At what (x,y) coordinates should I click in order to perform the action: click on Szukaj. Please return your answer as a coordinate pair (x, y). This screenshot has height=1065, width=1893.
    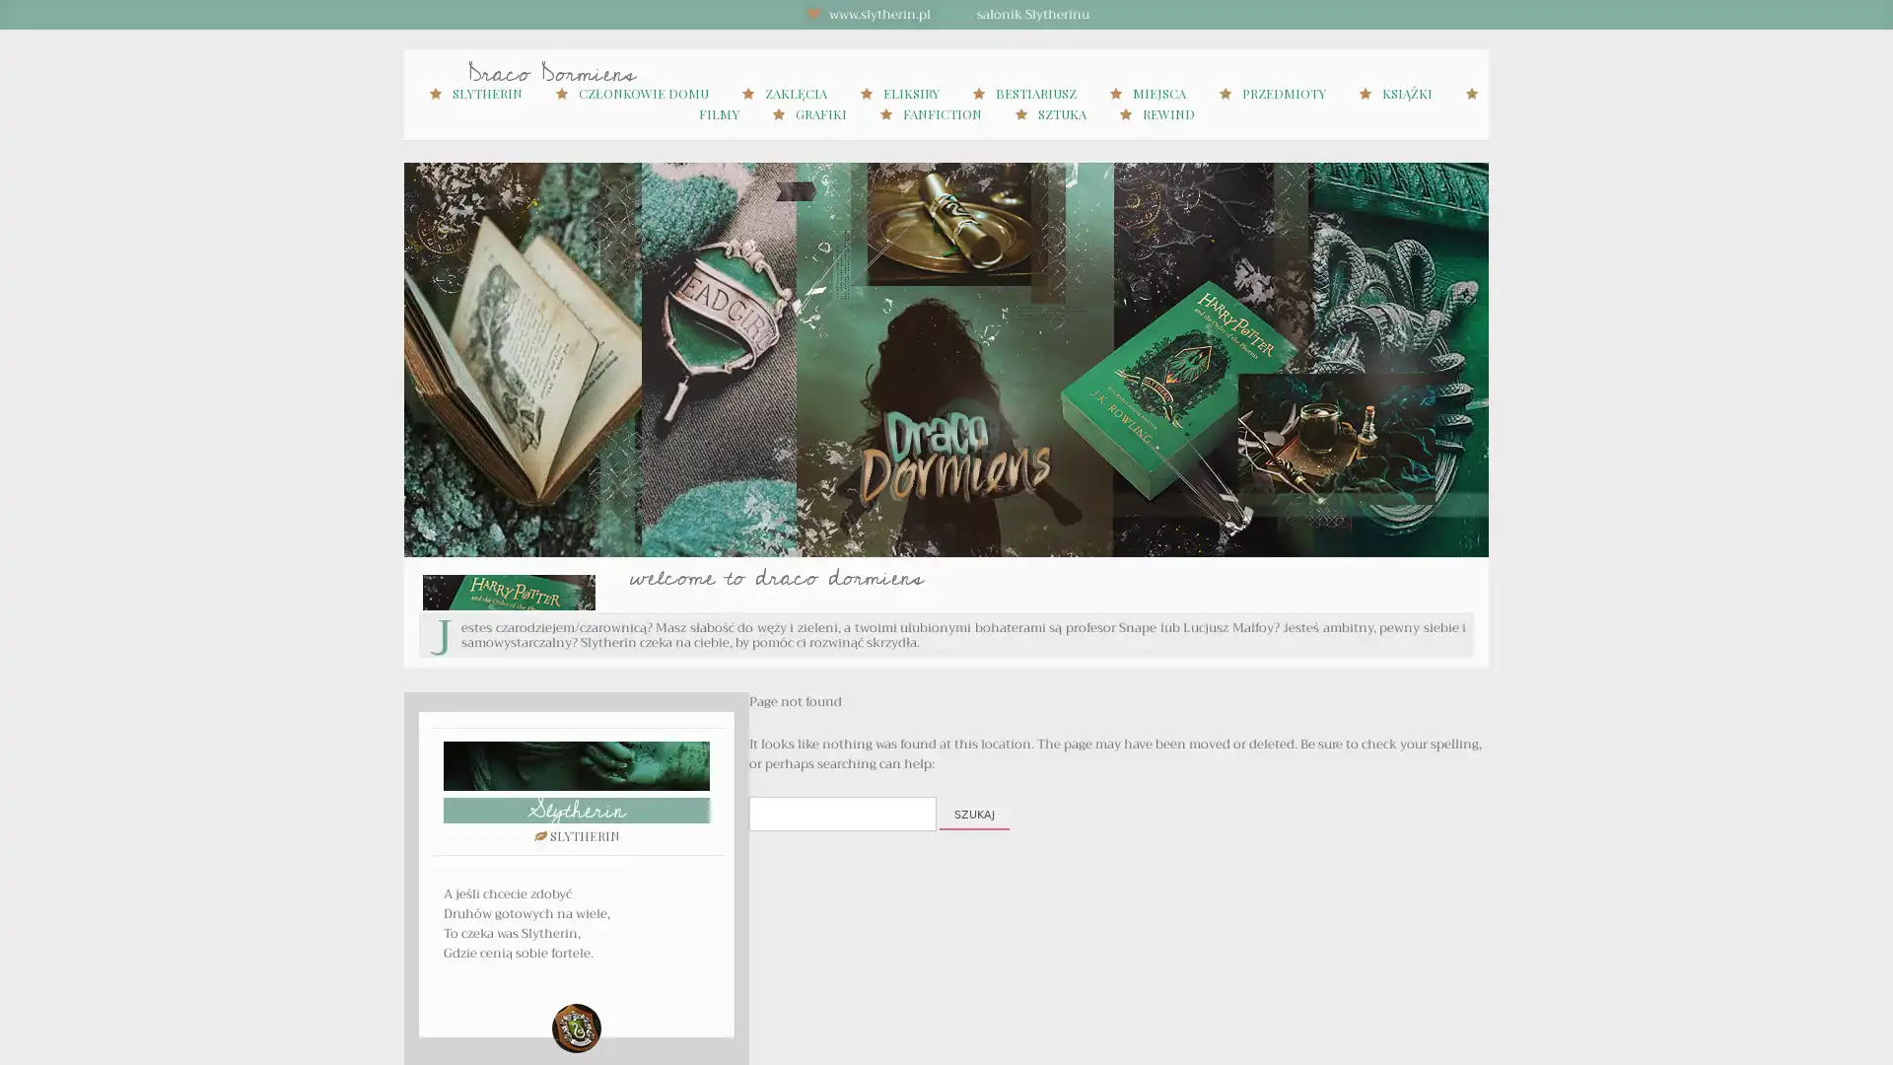
    Looking at the image, I should click on (974, 815).